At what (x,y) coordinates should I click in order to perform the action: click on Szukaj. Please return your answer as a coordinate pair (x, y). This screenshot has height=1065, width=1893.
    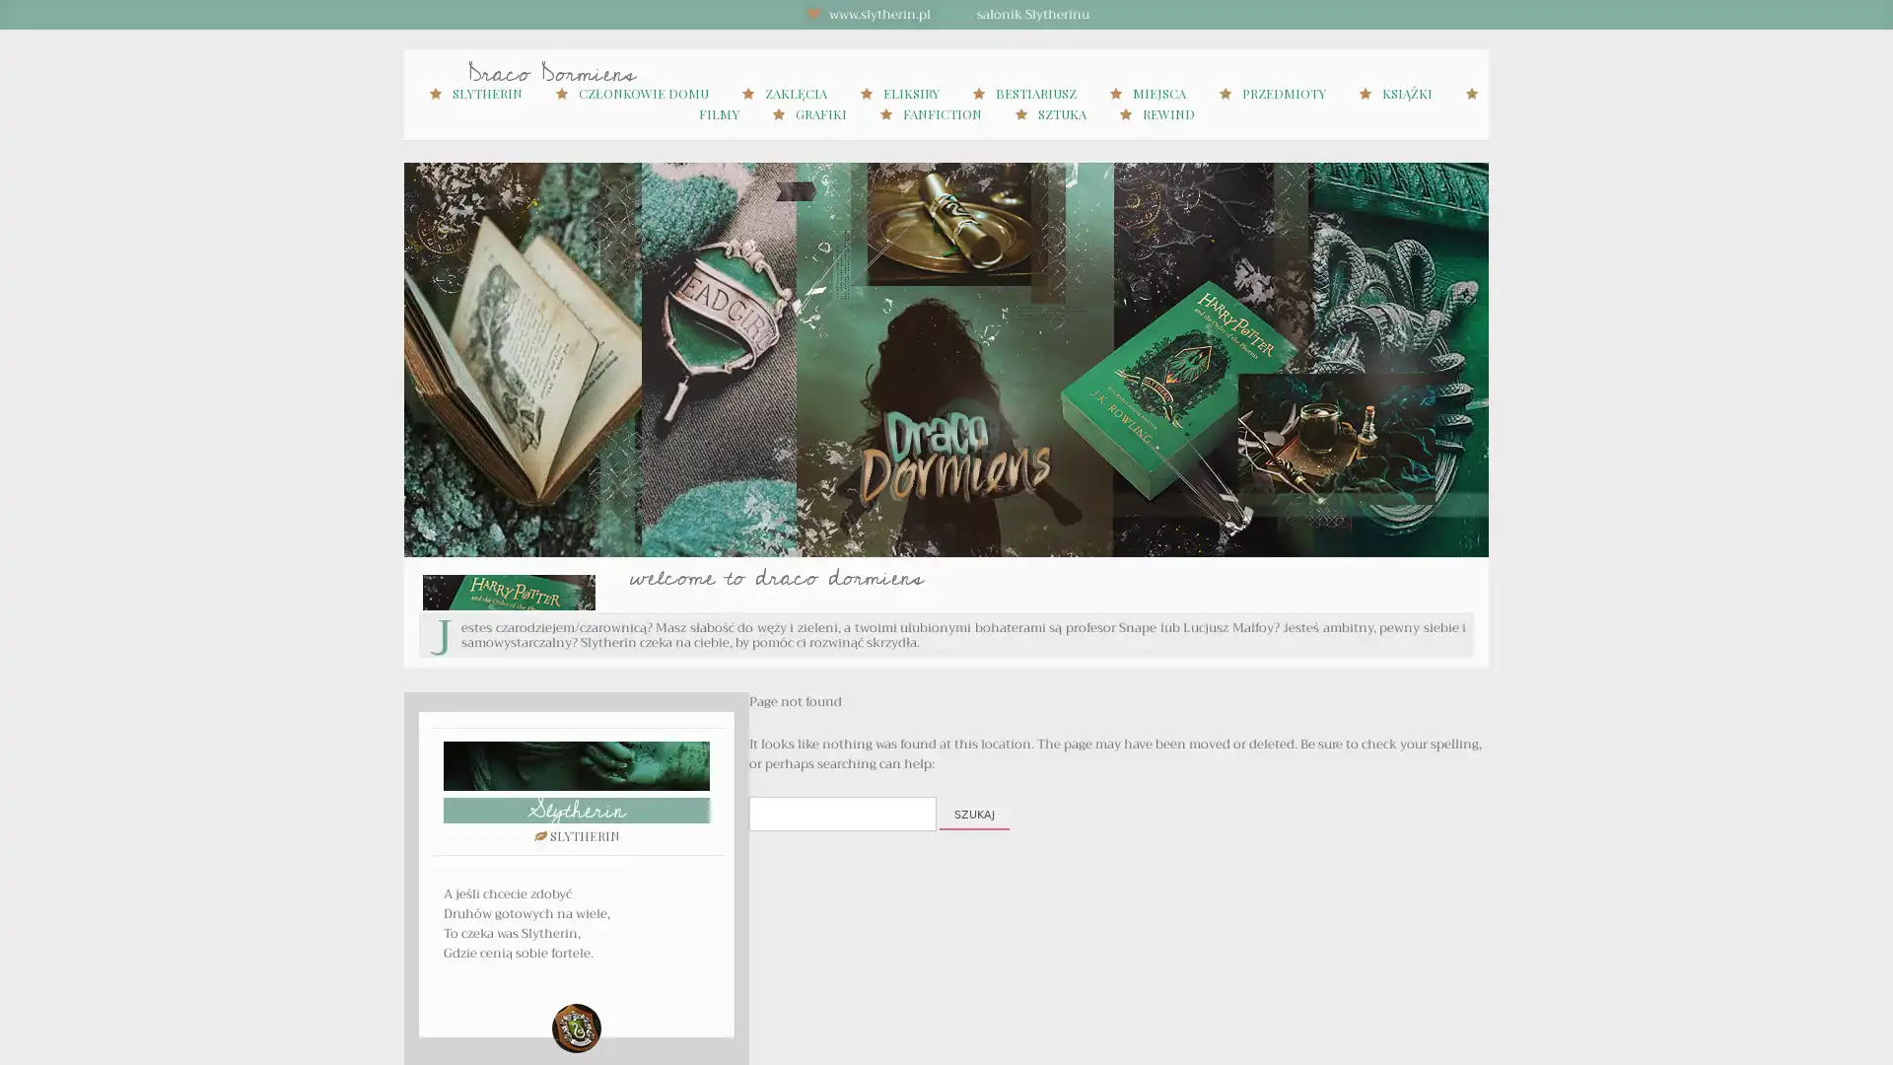
    Looking at the image, I should click on (974, 815).